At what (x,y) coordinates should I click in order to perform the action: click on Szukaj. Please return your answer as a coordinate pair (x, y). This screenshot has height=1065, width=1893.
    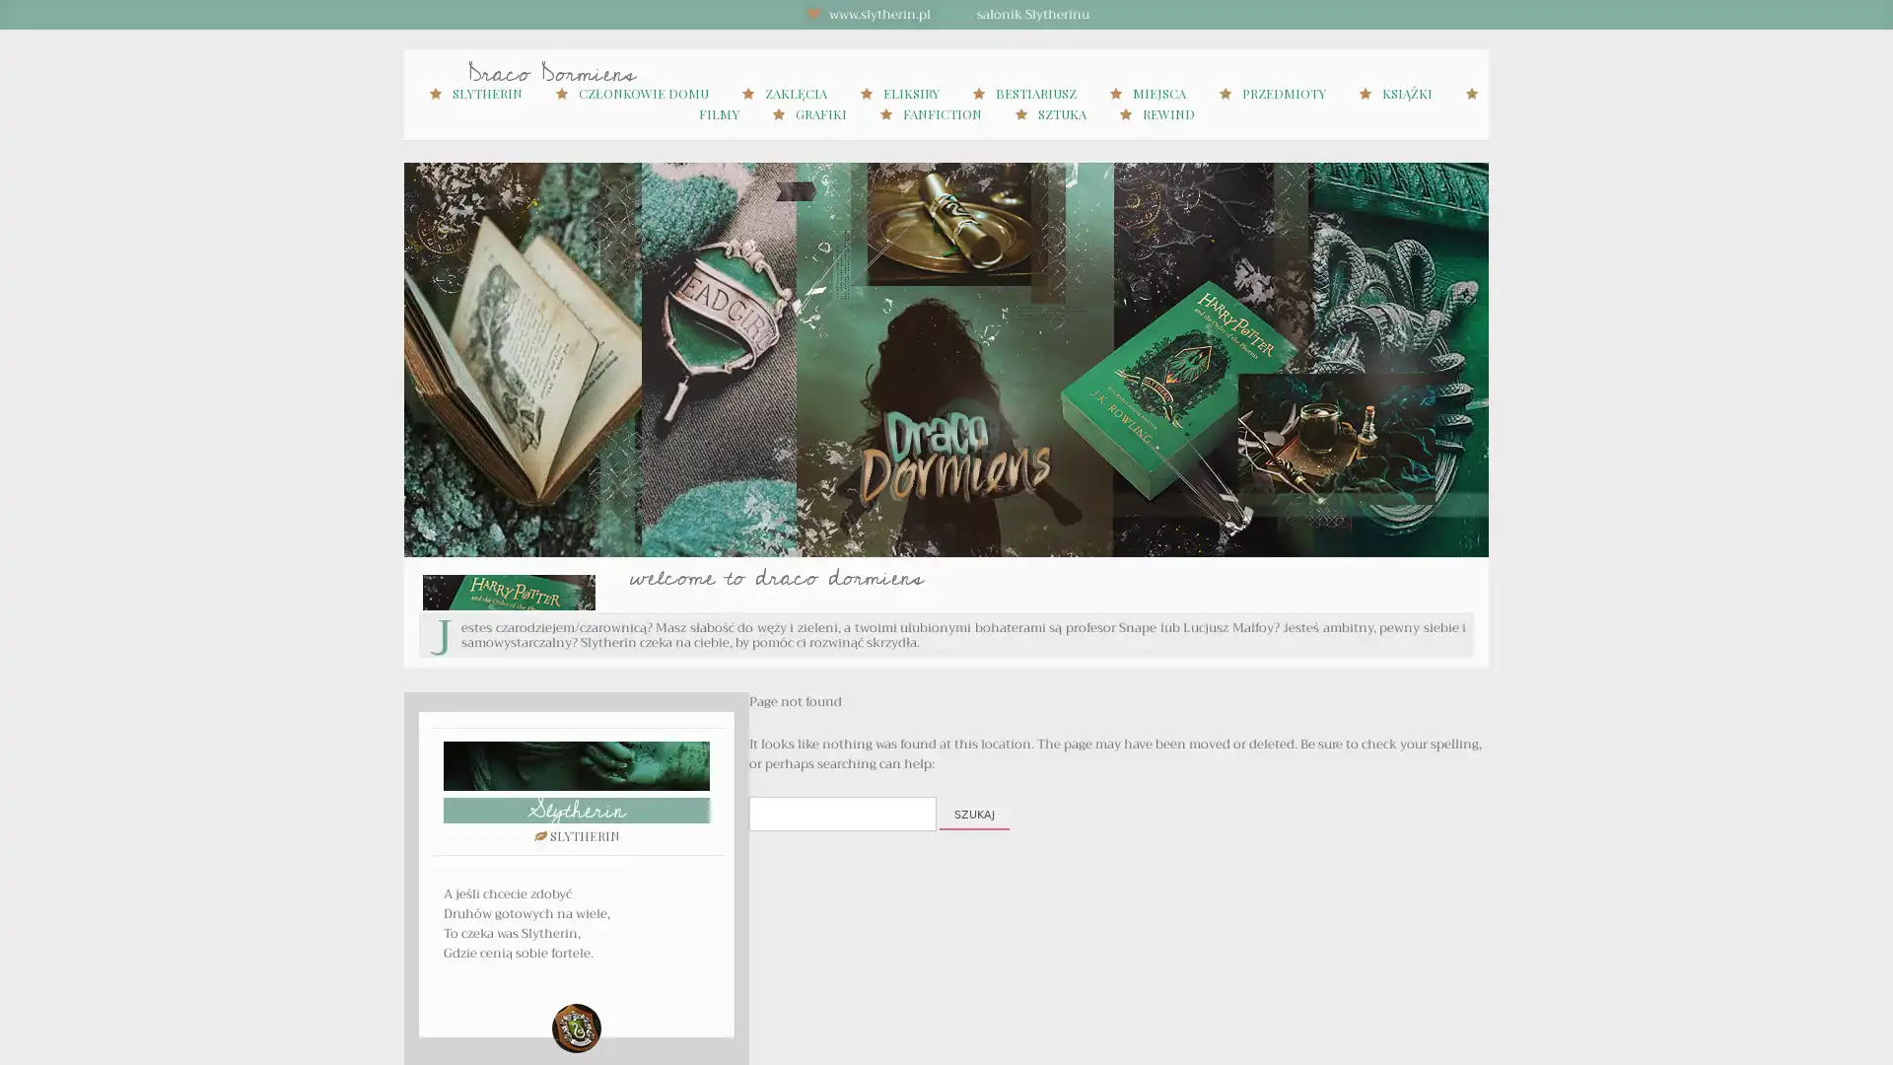
    Looking at the image, I should click on (974, 815).